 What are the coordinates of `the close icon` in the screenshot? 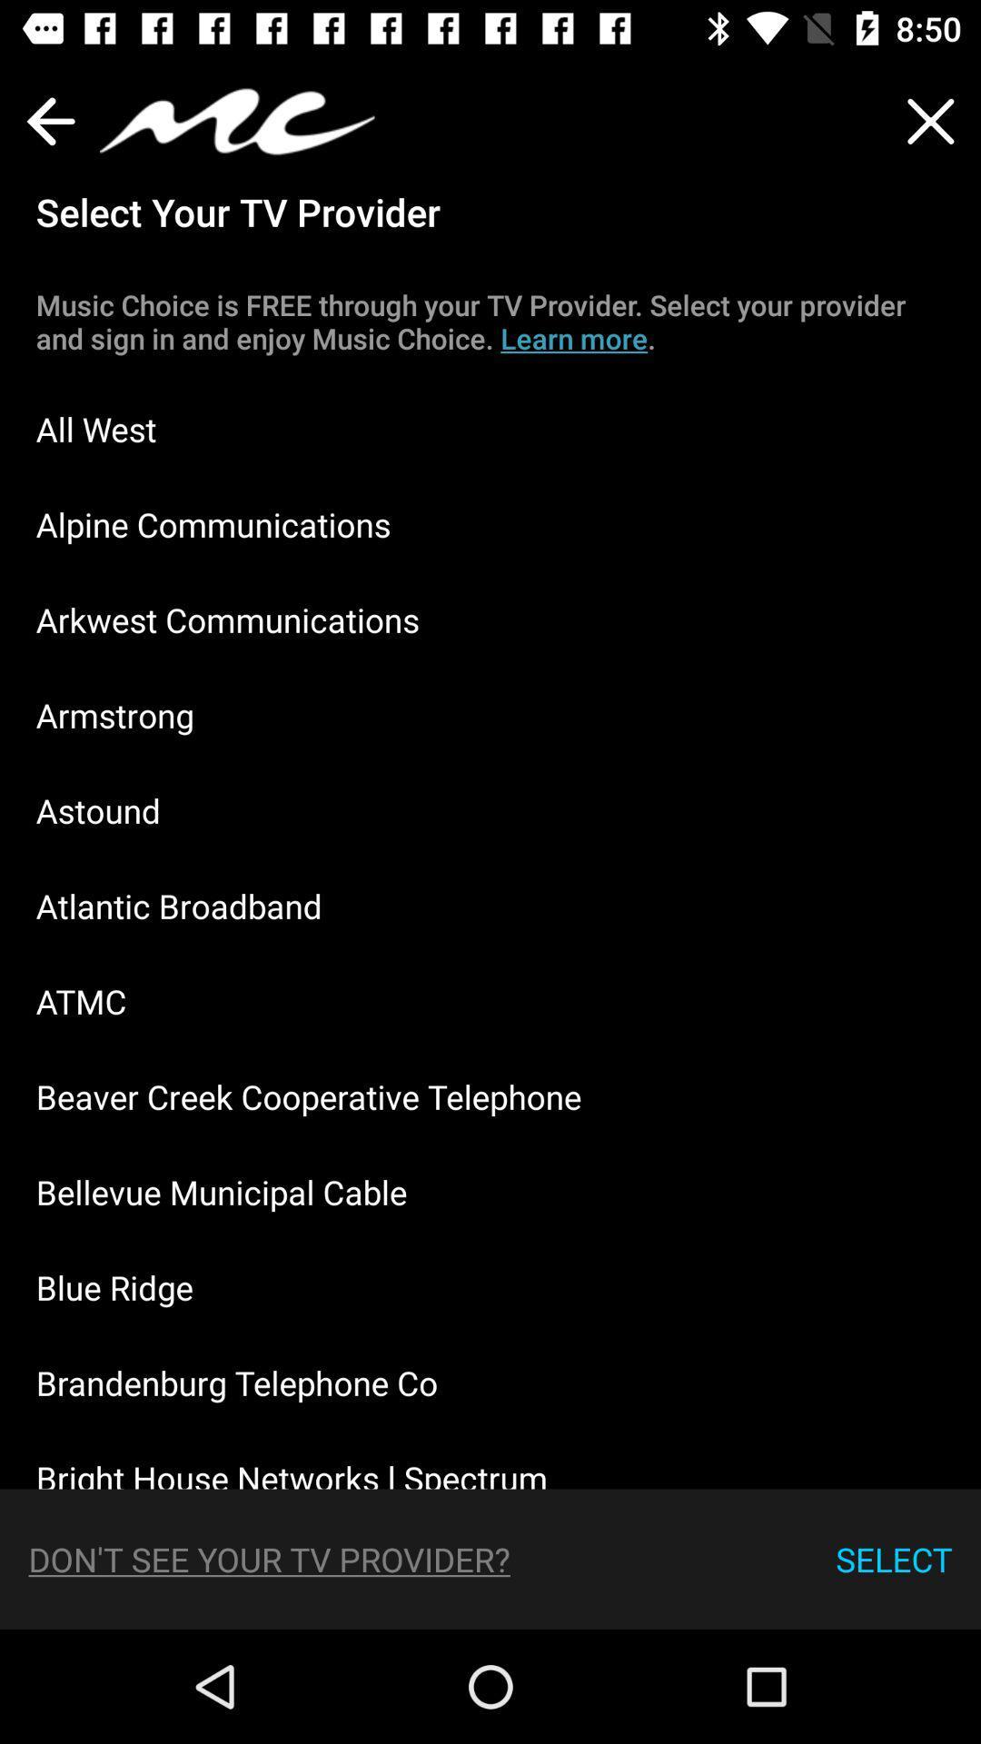 It's located at (930, 120).